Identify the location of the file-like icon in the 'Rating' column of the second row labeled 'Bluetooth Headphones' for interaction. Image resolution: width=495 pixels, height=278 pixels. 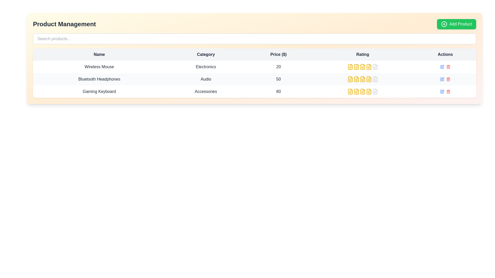
(375, 79).